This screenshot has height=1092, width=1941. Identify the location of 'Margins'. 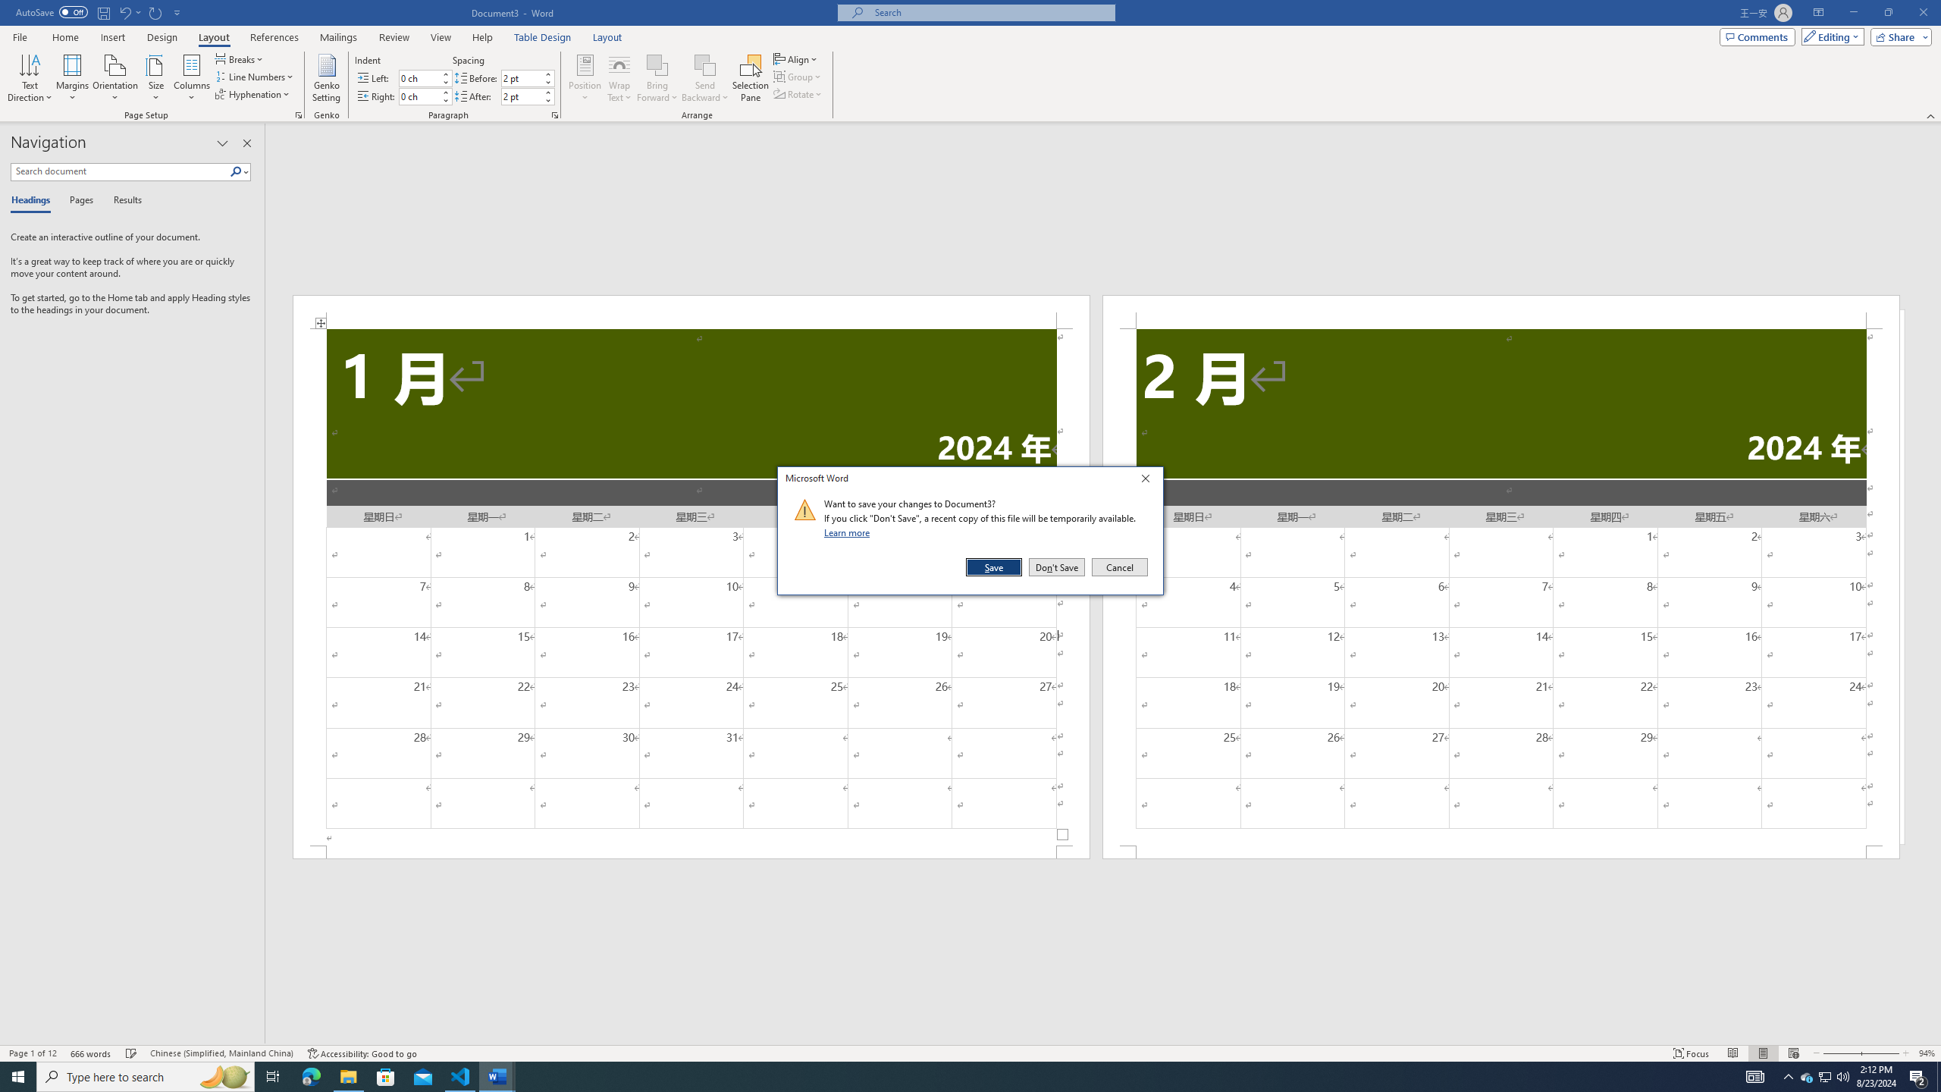
(72, 78).